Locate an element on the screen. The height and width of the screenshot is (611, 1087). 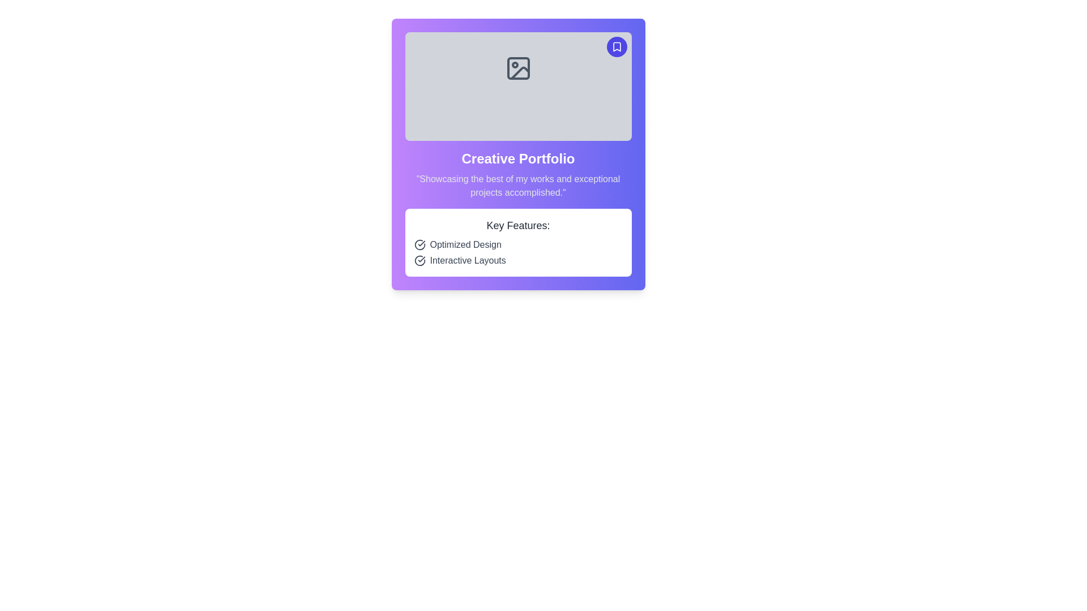
text displayed in the heading element, which serves as the main title for the card and is located at the top section, centered horizontally below an image placeholder is located at coordinates (517, 159).